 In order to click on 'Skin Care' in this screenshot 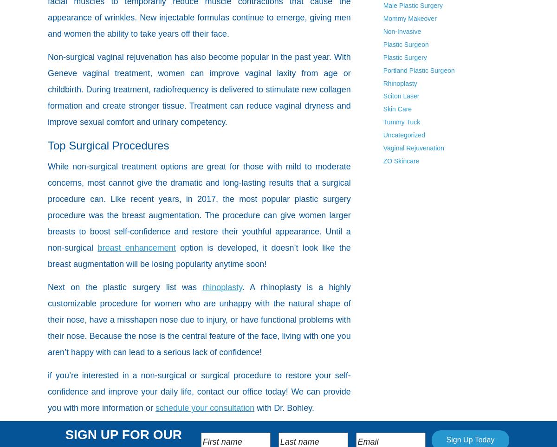, I will do `click(382, 109)`.